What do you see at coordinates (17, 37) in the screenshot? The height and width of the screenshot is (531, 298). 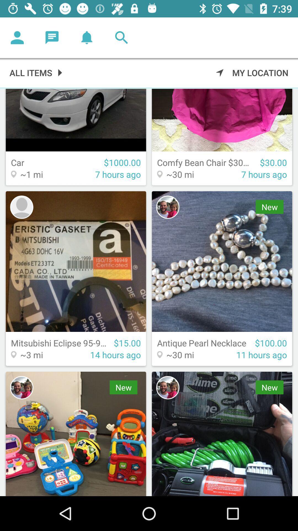 I see `my profile` at bounding box center [17, 37].